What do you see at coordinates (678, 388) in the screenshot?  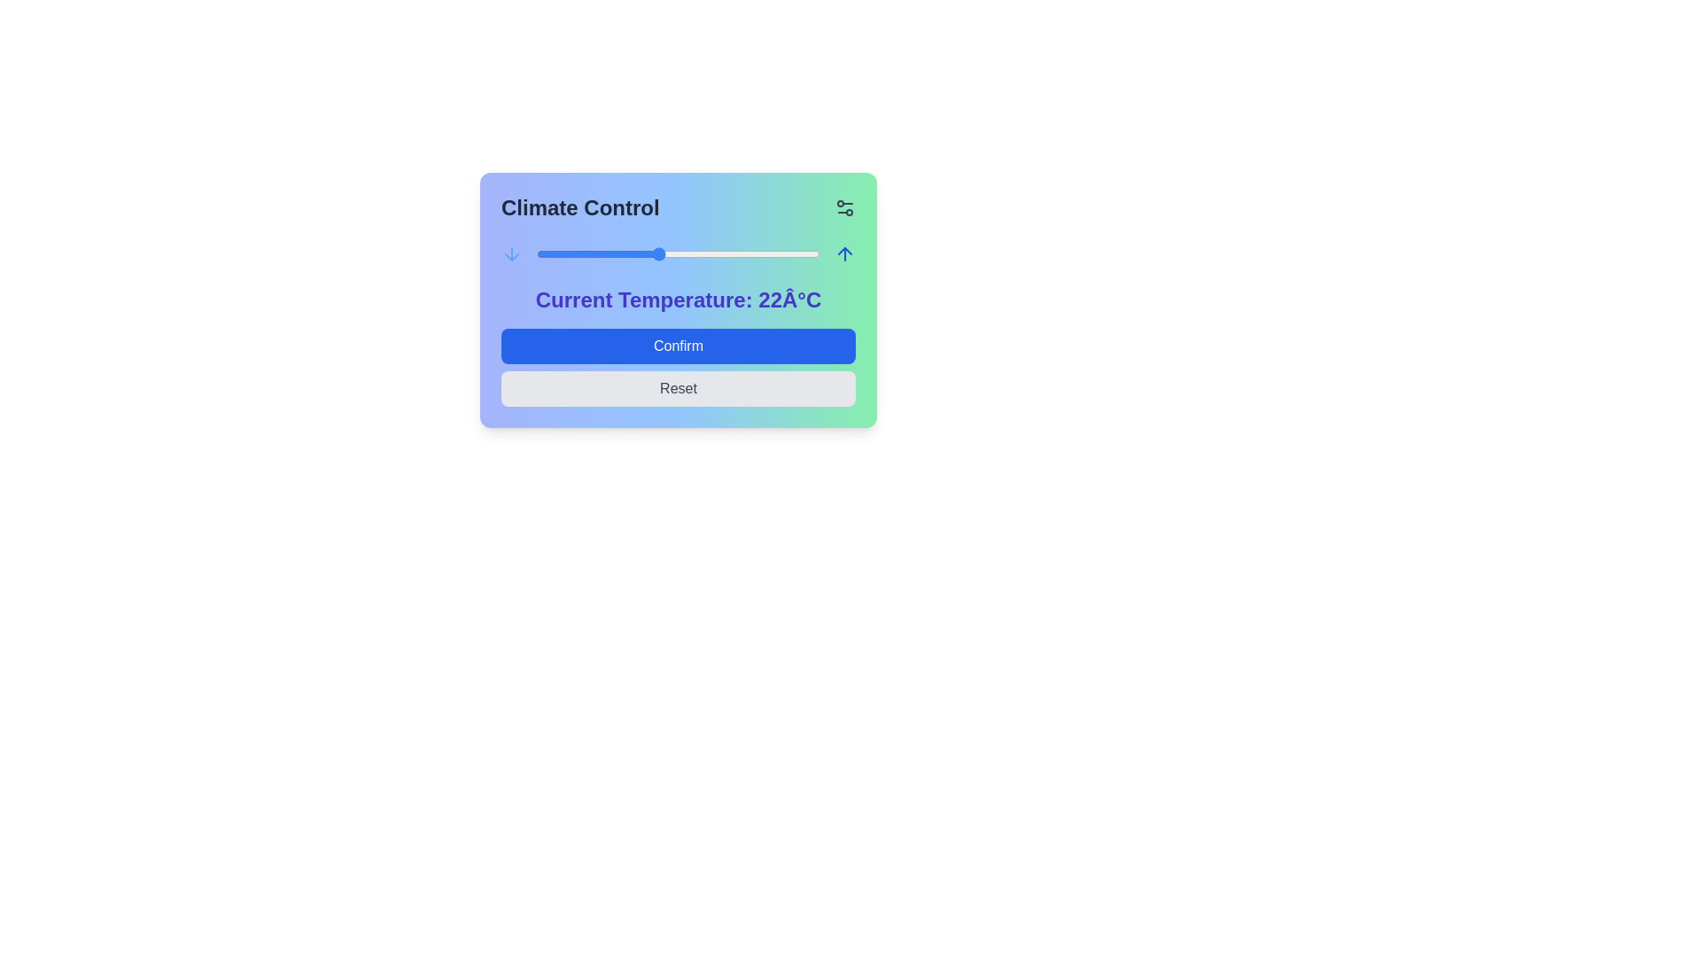 I see `Reset button to reset the climate control settings` at bounding box center [678, 388].